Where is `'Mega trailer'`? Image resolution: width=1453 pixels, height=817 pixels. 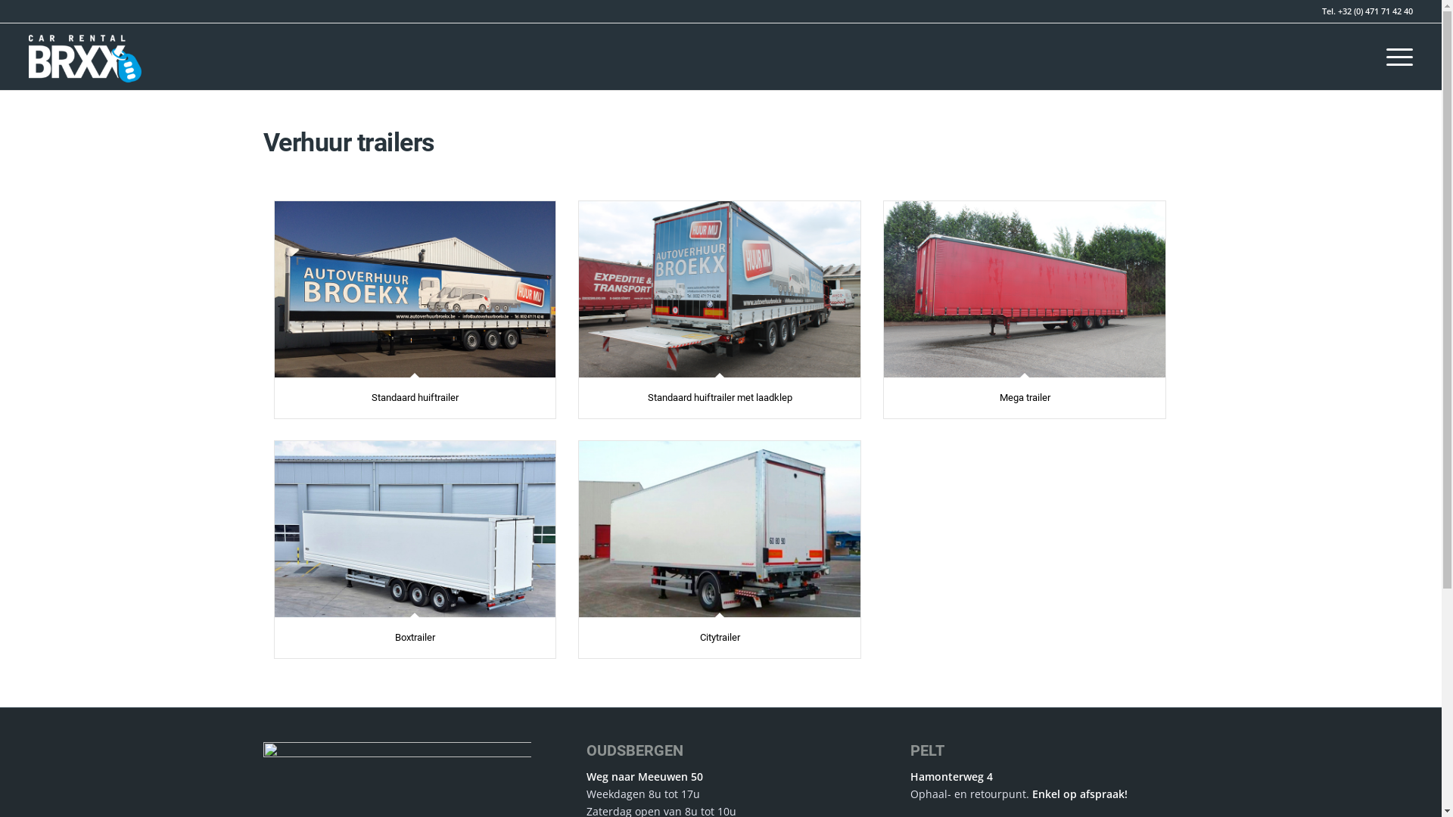 'Mega trailer' is located at coordinates (1025, 396).